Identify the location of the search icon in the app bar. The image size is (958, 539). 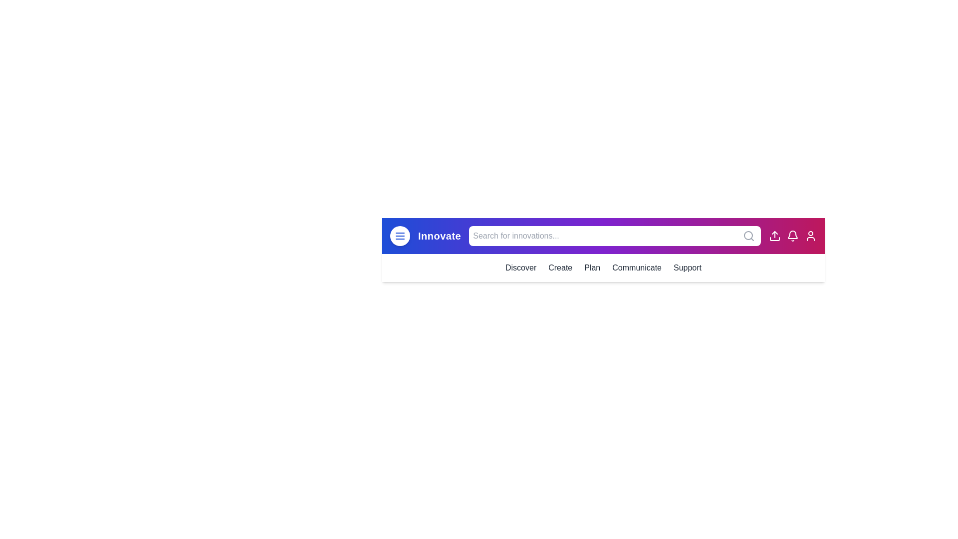
(749, 236).